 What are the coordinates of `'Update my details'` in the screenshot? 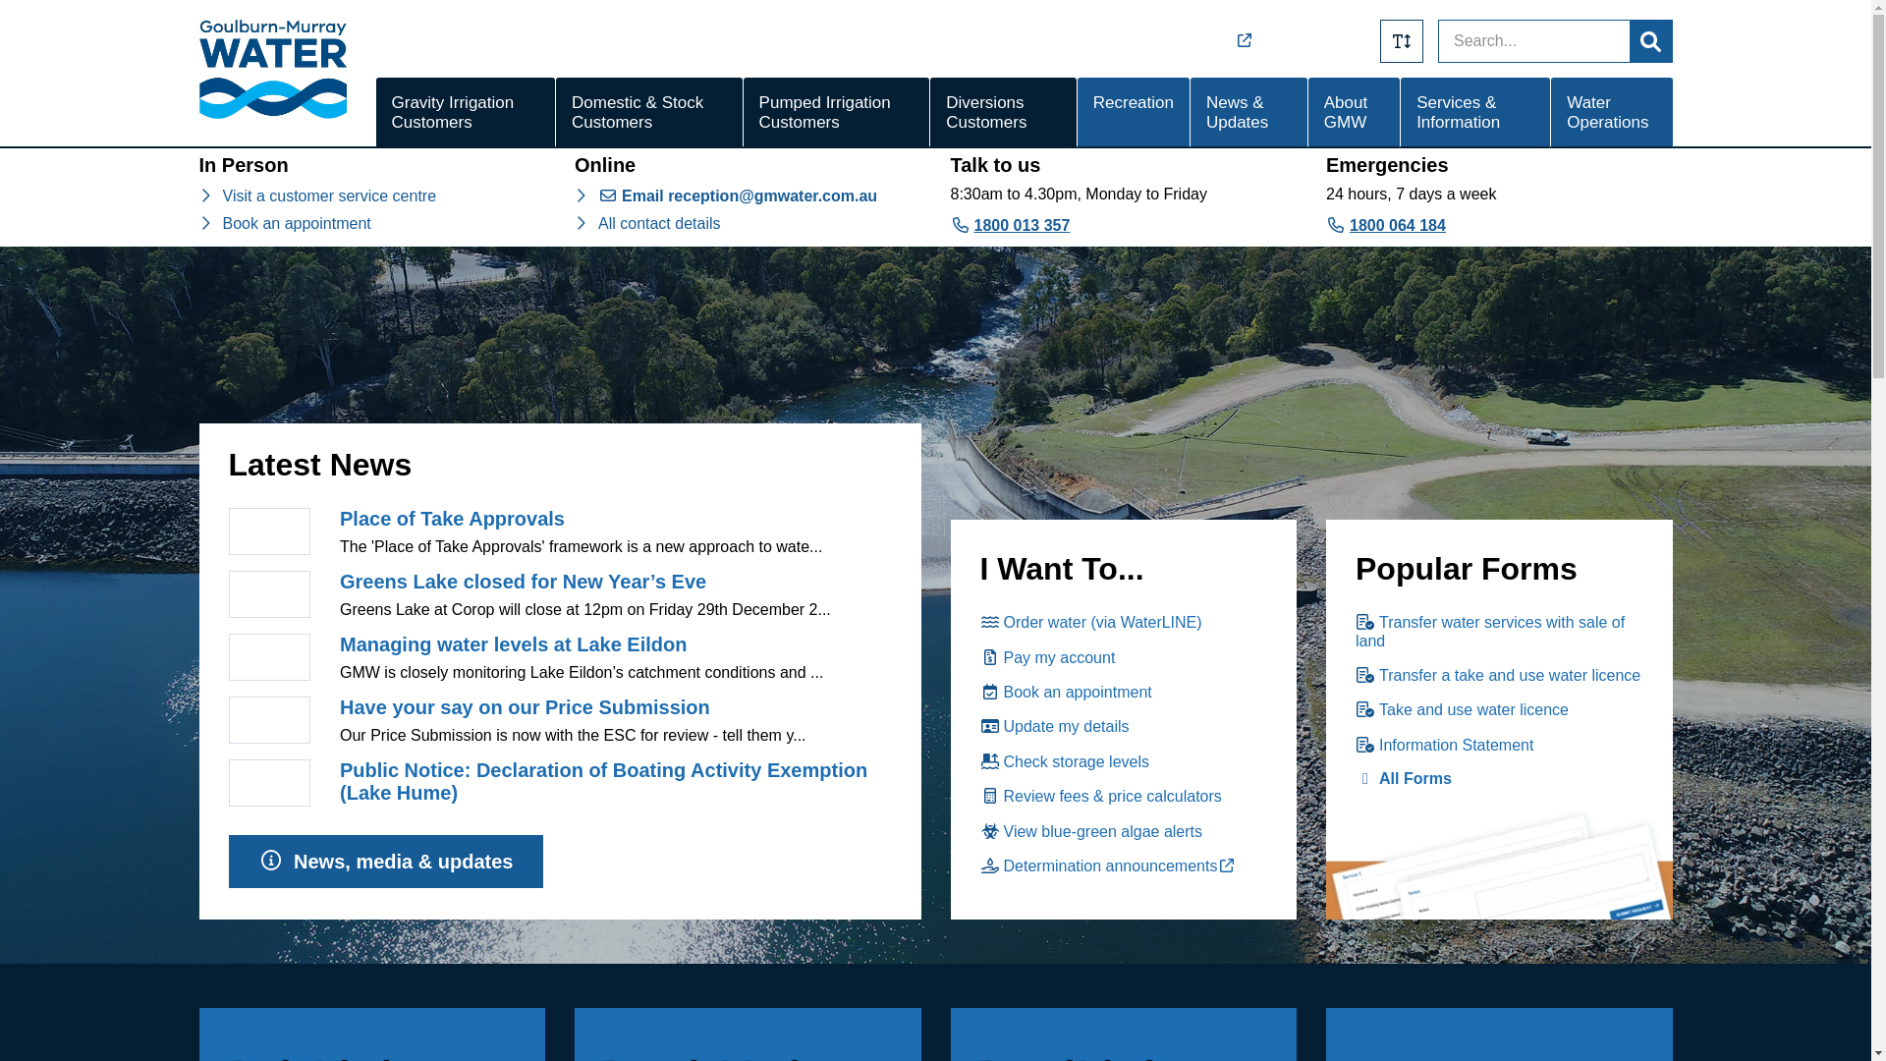 It's located at (1054, 726).